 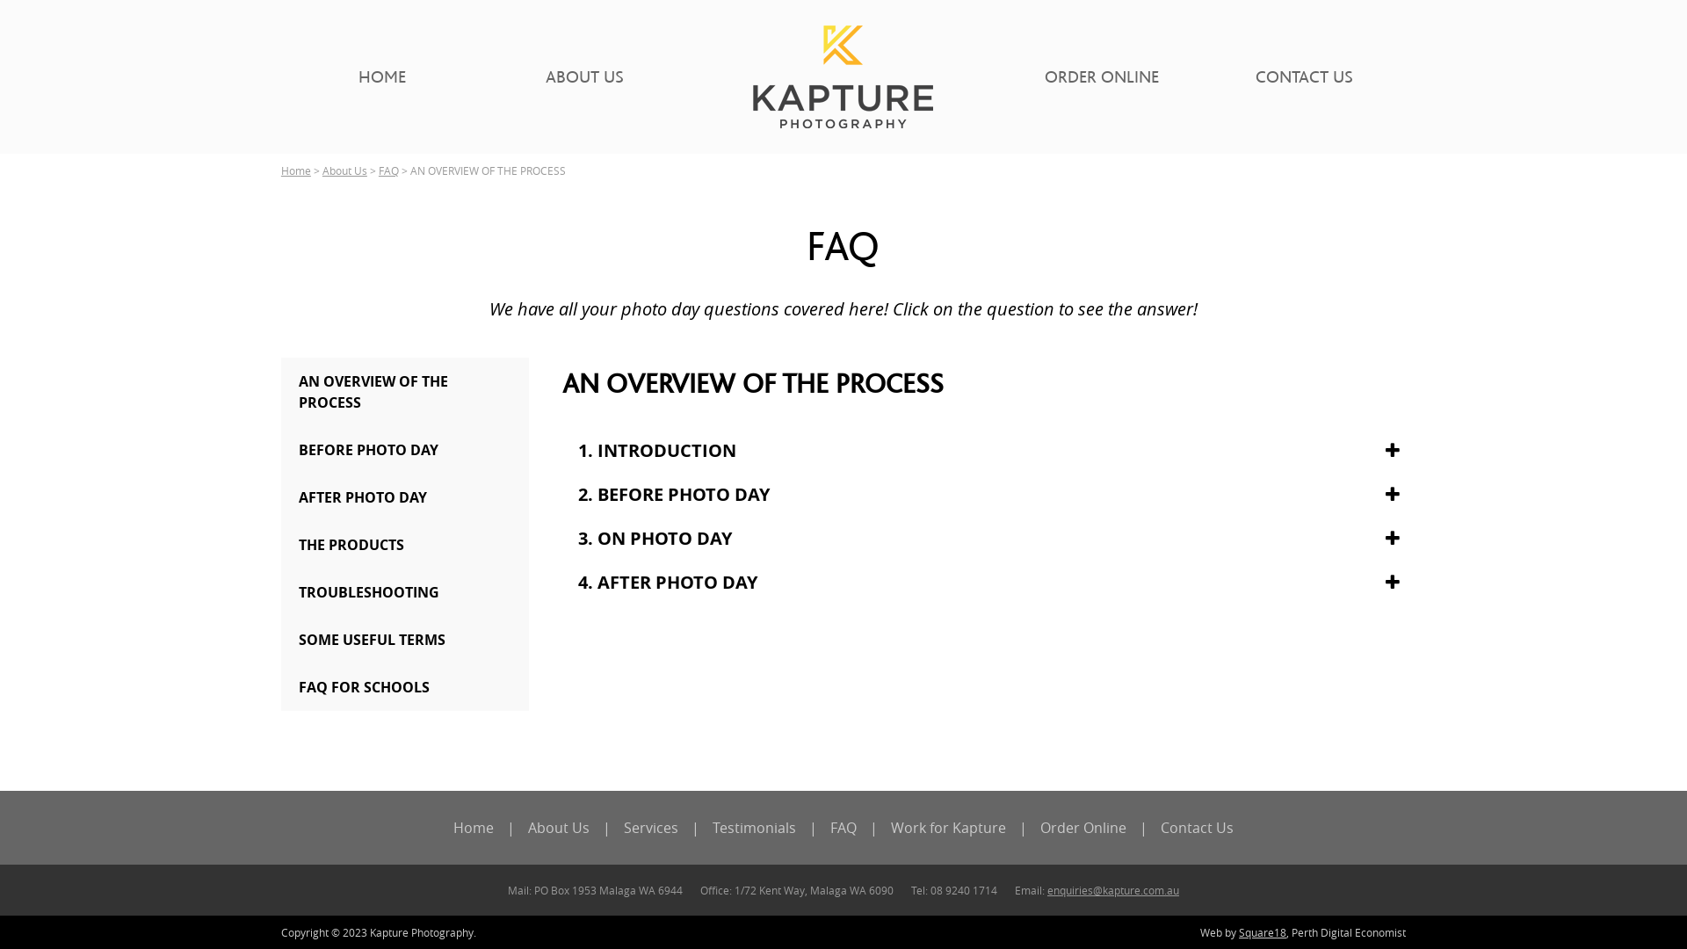 What do you see at coordinates (754, 827) in the screenshot?
I see `'Testimonials'` at bounding box center [754, 827].